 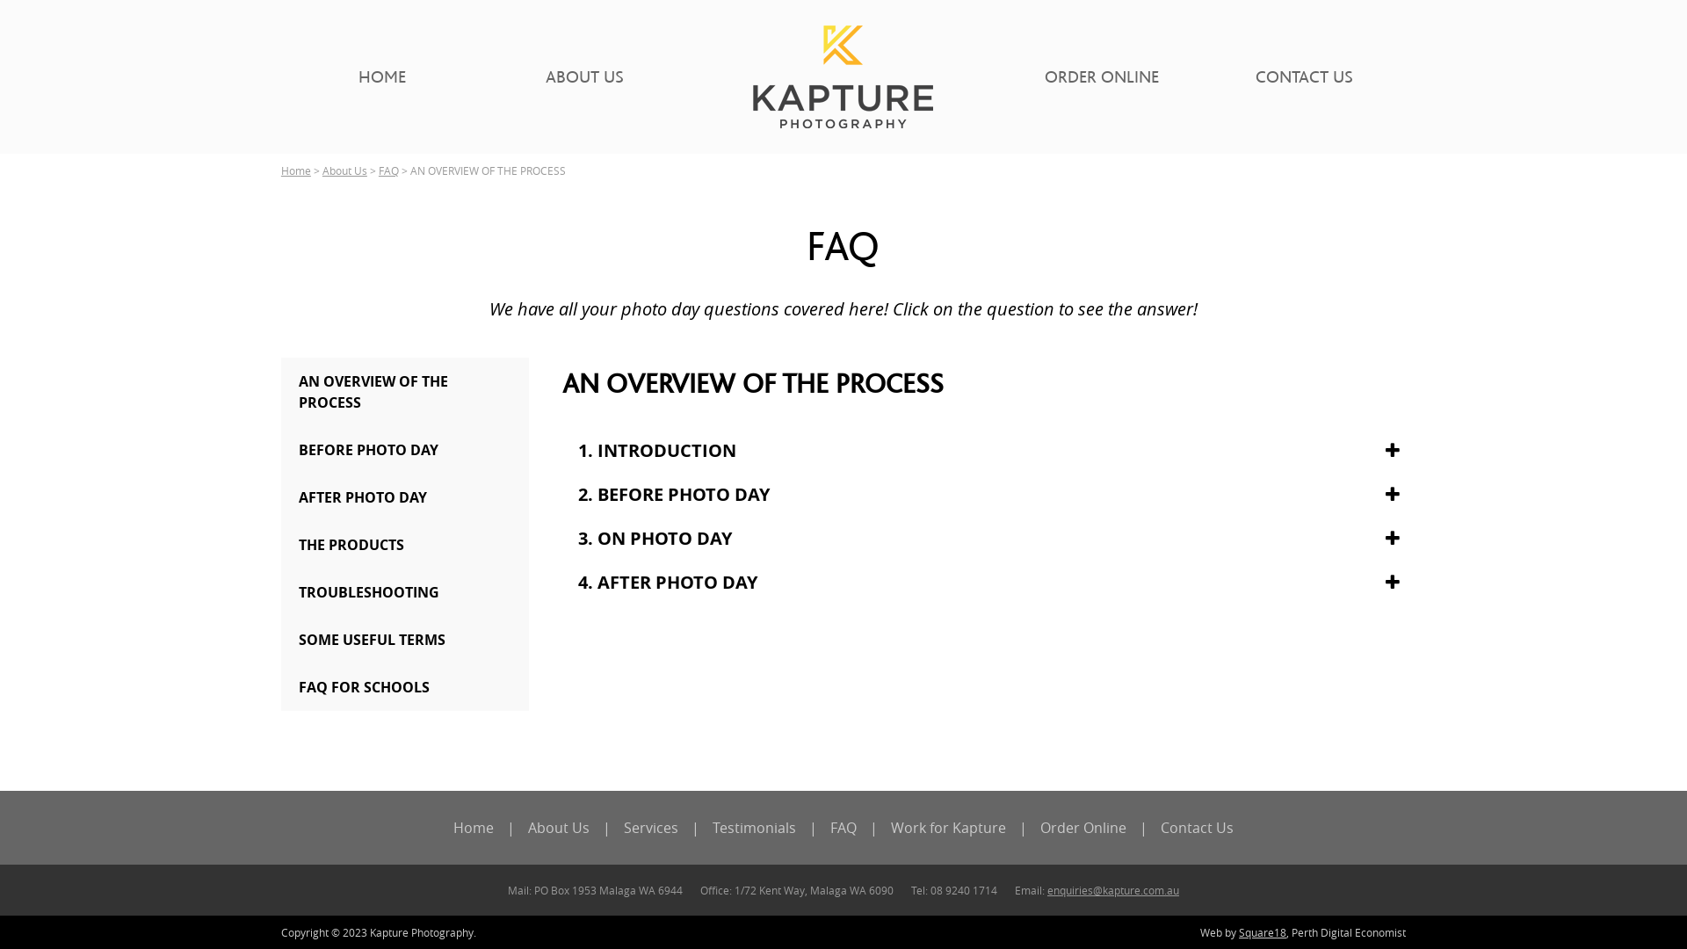 What do you see at coordinates (754, 827) in the screenshot?
I see `'Testimonials'` at bounding box center [754, 827].